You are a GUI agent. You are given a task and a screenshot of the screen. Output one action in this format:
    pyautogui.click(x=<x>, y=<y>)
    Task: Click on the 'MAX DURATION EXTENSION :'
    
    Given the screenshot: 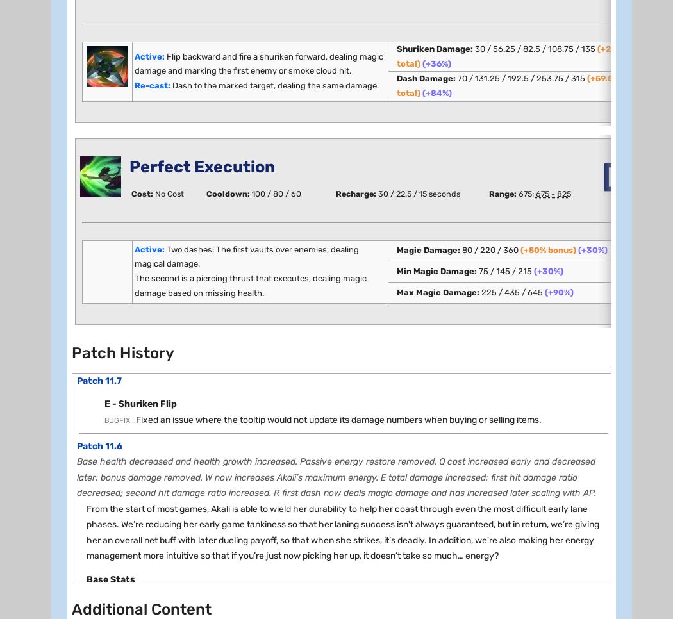 What is the action you would take?
    pyautogui.click(x=153, y=369)
    